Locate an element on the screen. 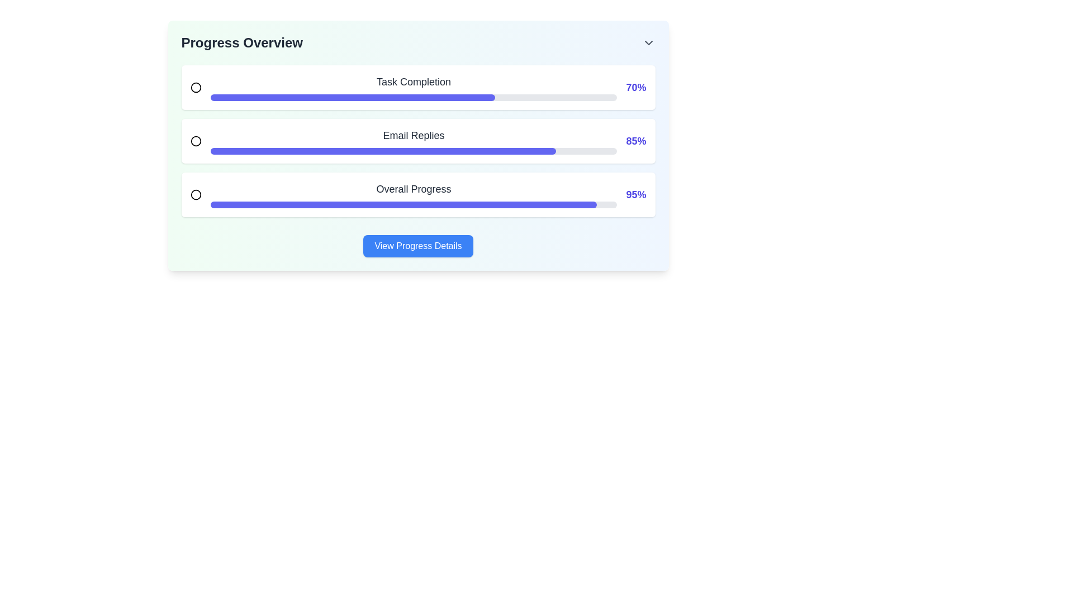  the downward-facing chevron icon button located to the right of the 'Progress Overview' header is located at coordinates (648, 42).